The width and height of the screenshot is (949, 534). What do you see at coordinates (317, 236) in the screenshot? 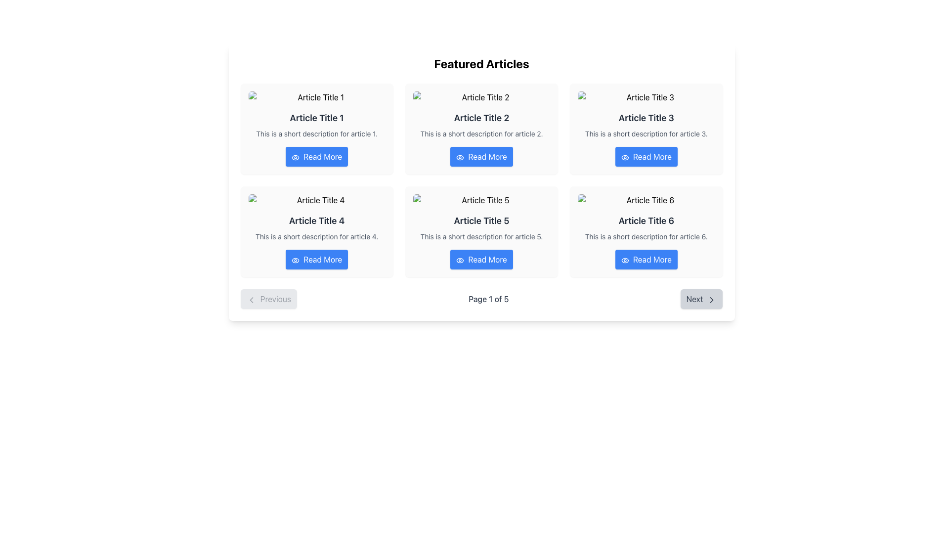
I see `the text block containing 'This is a short description for article 4.' for accessibility` at bounding box center [317, 236].